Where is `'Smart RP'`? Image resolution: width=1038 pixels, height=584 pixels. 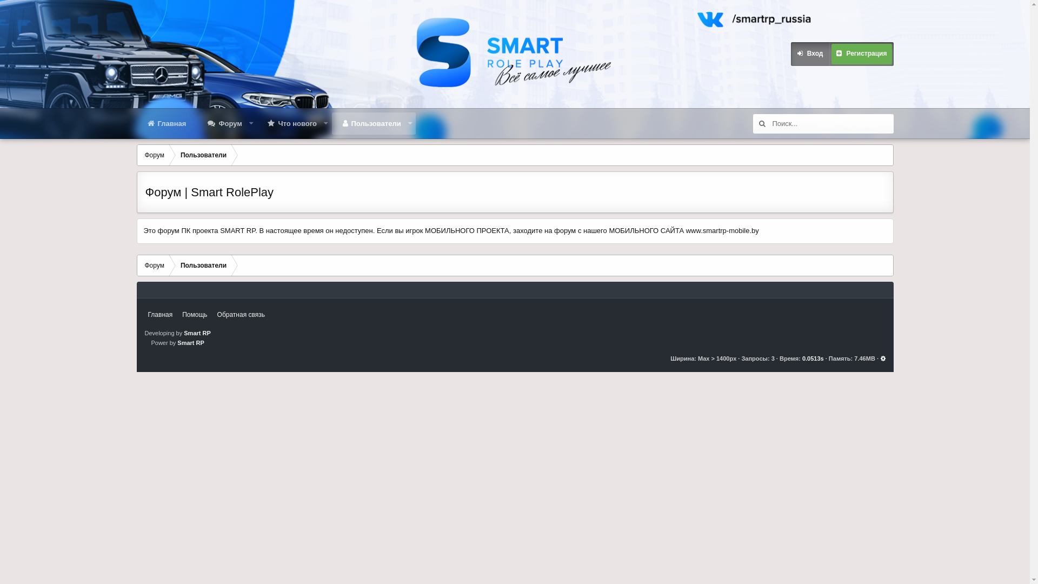 'Smart RP' is located at coordinates (197, 333).